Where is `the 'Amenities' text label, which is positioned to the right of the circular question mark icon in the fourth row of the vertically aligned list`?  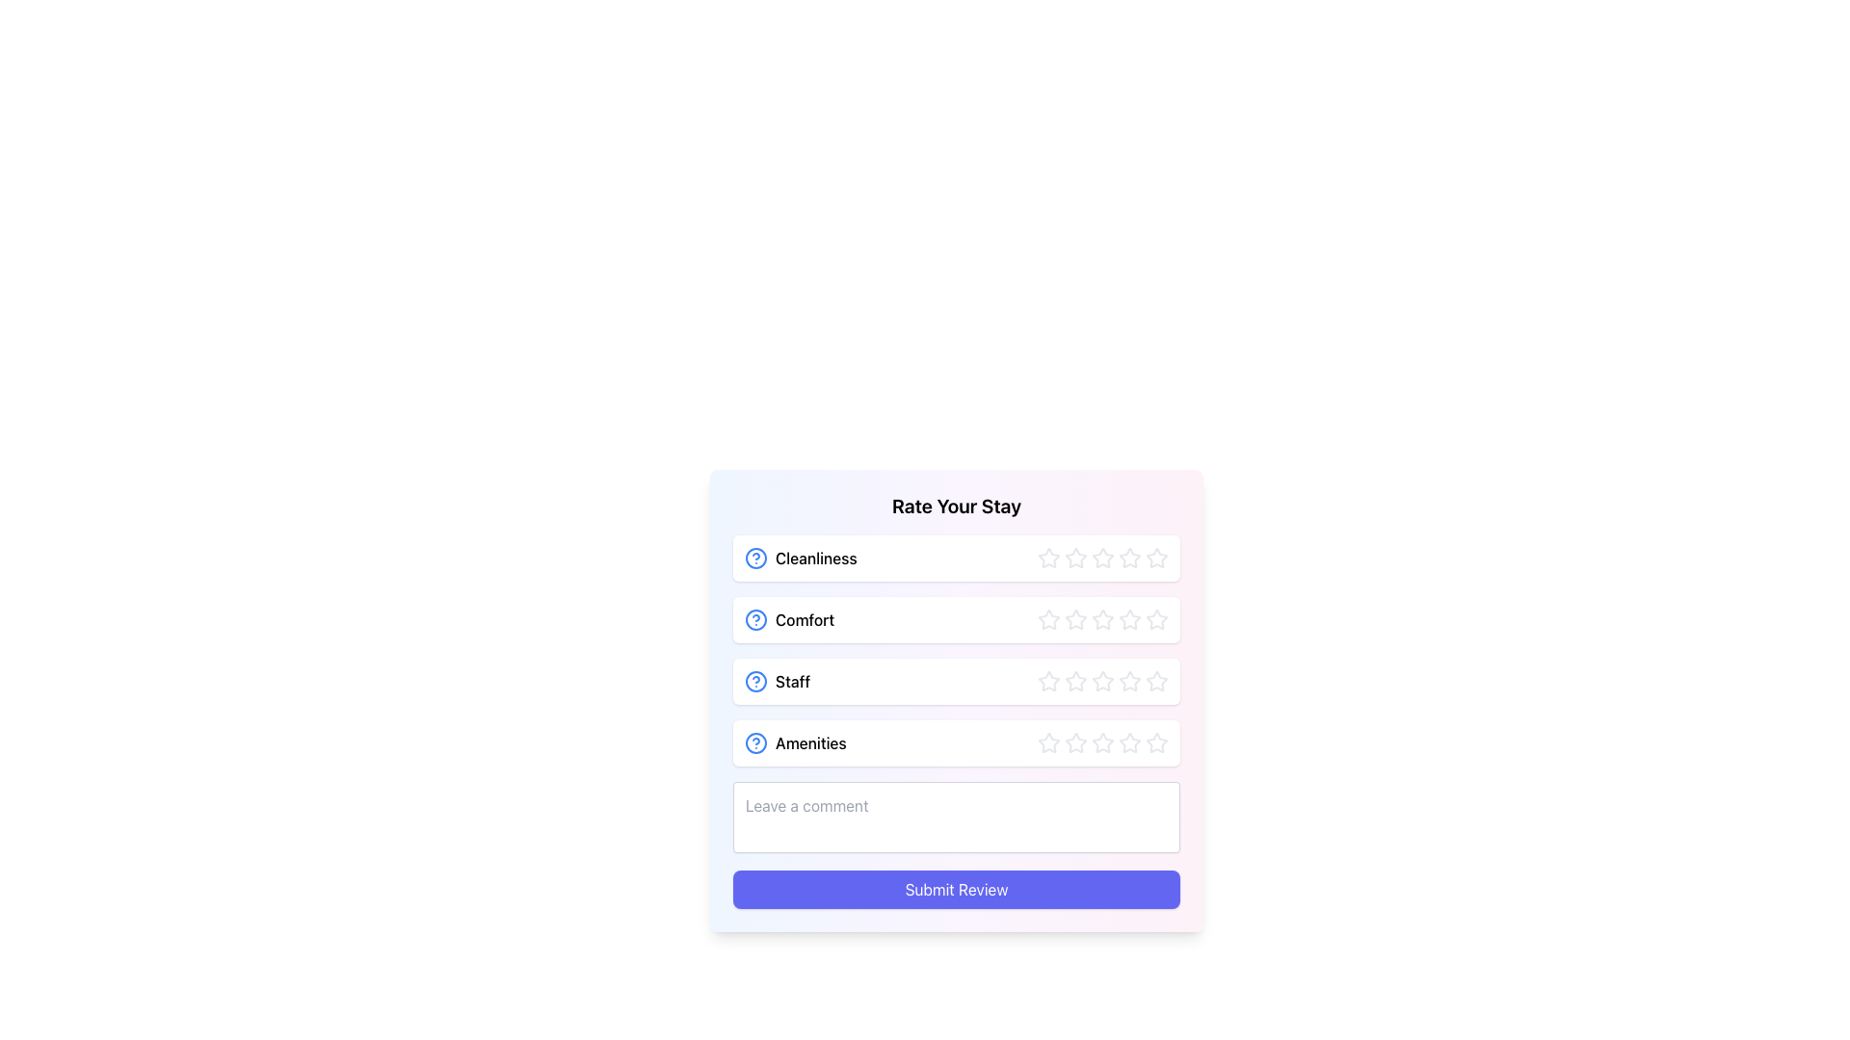 the 'Amenities' text label, which is positioned to the right of the circular question mark icon in the fourth row of the vertically aligned list is located at coordinates (810, 741).